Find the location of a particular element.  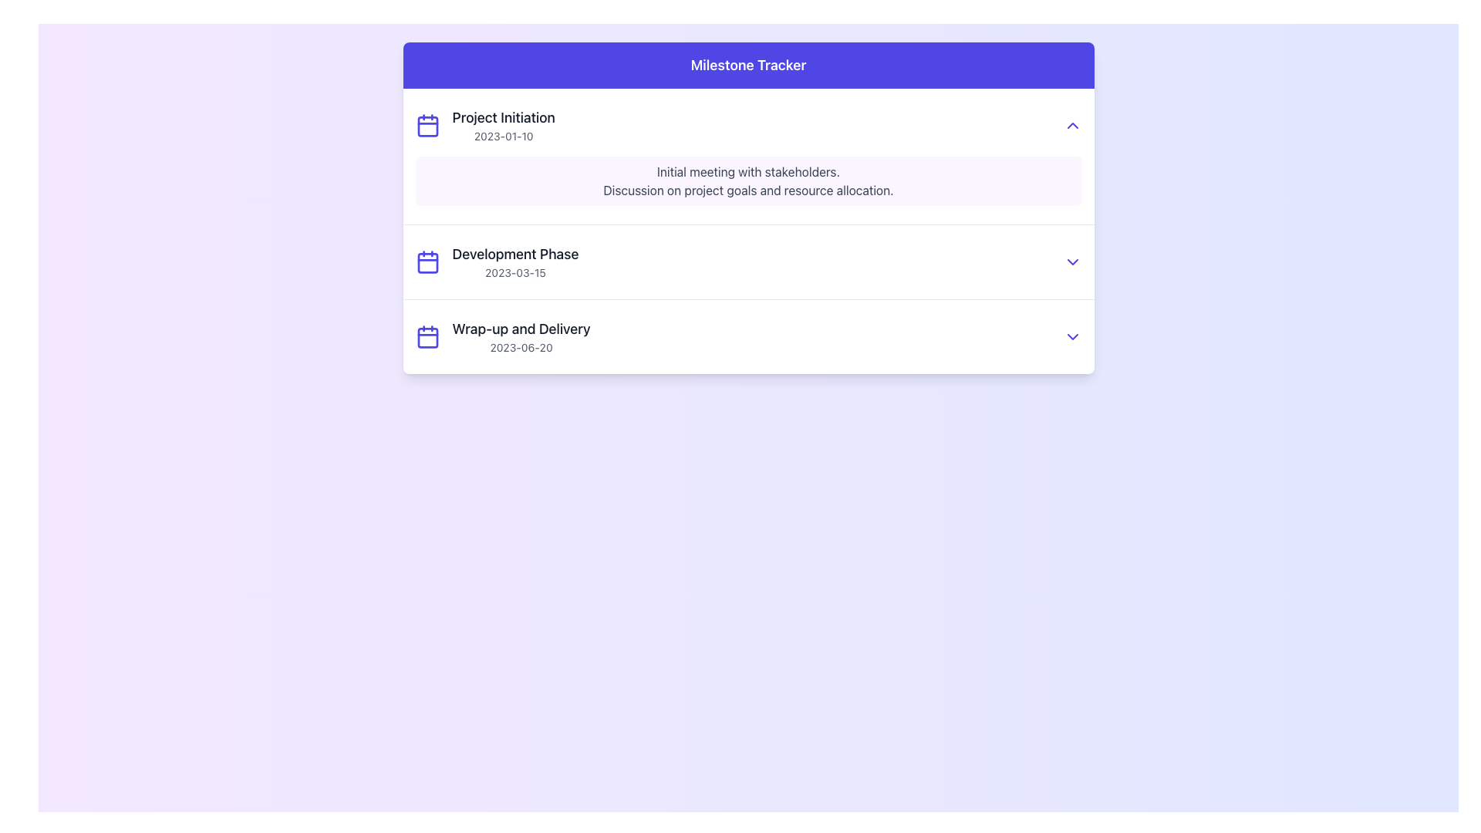

the indigo upward chevron icon-based toggle located to the far right of the 'Project Initiation' section to potentially view a tooltip is located at coordinates (1071, 124).